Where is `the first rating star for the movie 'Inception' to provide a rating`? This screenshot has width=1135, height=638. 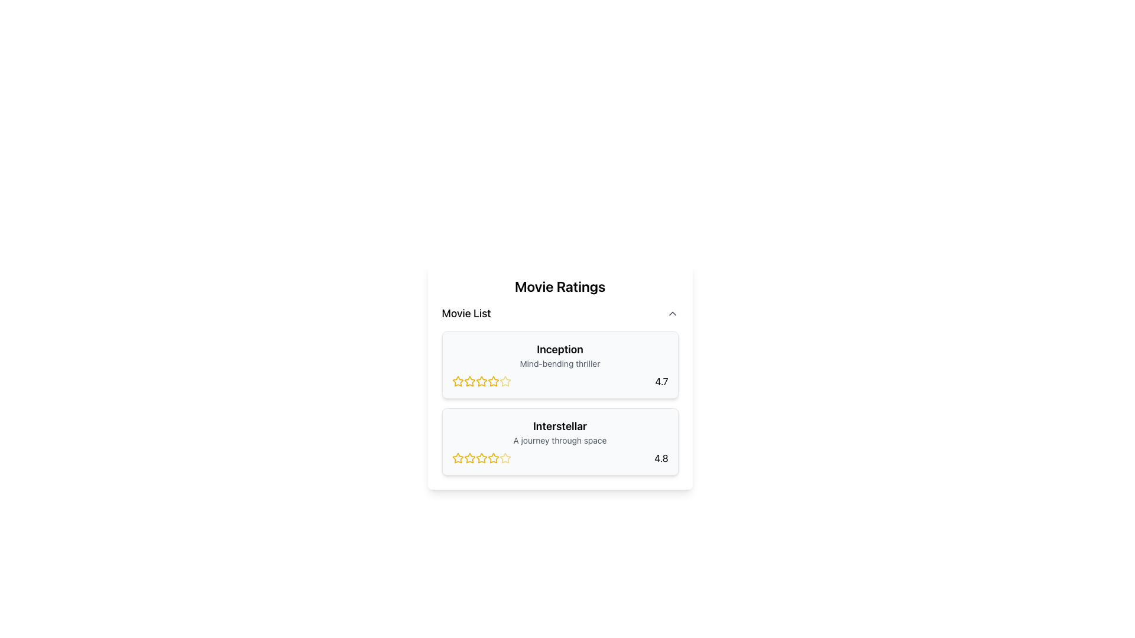
the first rating star for the movie 'Inception' to provide a rating is located at coordinates (457, 381).